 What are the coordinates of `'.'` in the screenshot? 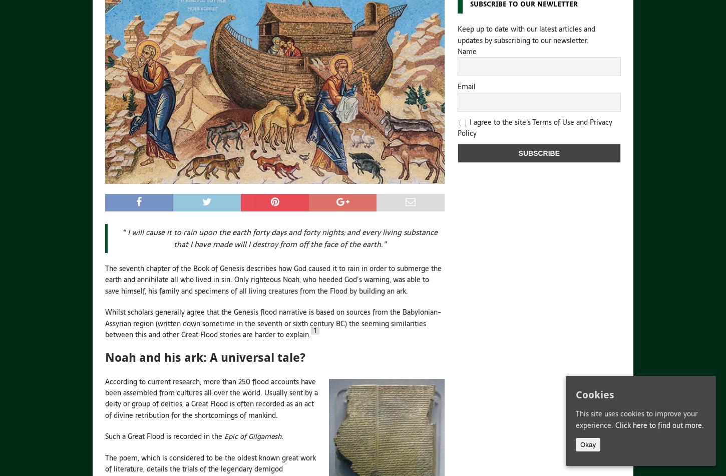 It's located at (282, 435).